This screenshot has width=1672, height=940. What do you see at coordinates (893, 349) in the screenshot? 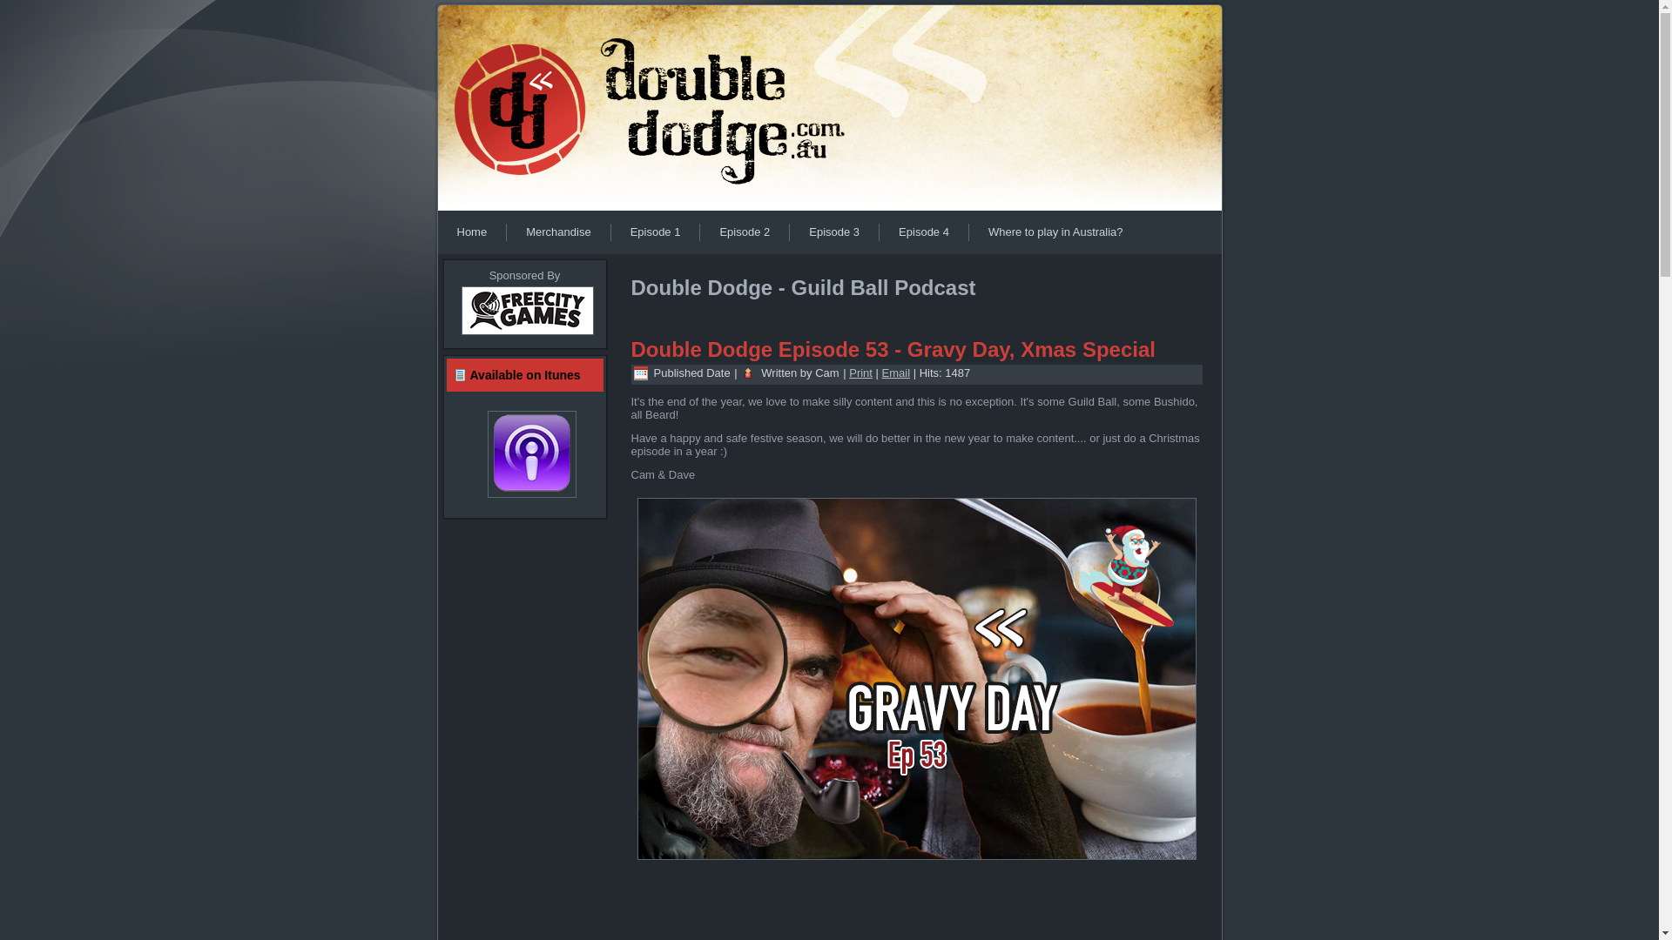
I see `'Double Dodge Episode 53 - Gravy Day, Xmas Special'` at bounding box center [893, 349].